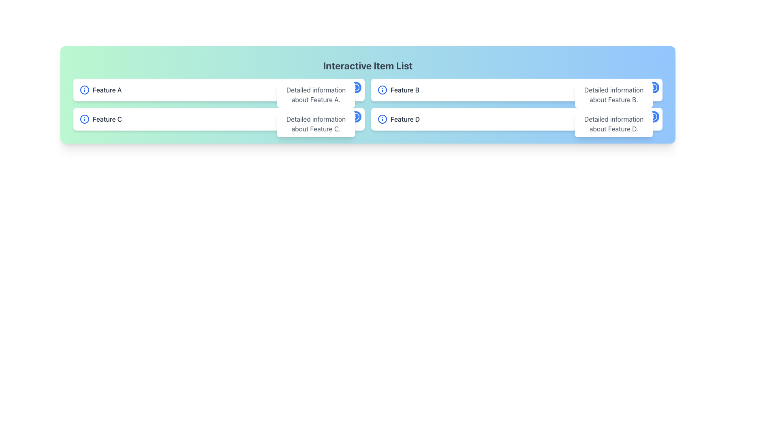 The height and width of the screenshot is (438, 778). Describe the element at coordinates (653, 117) in the screenshot. I see `the button in the top-right corner of the 'Feature D' card` at that location.